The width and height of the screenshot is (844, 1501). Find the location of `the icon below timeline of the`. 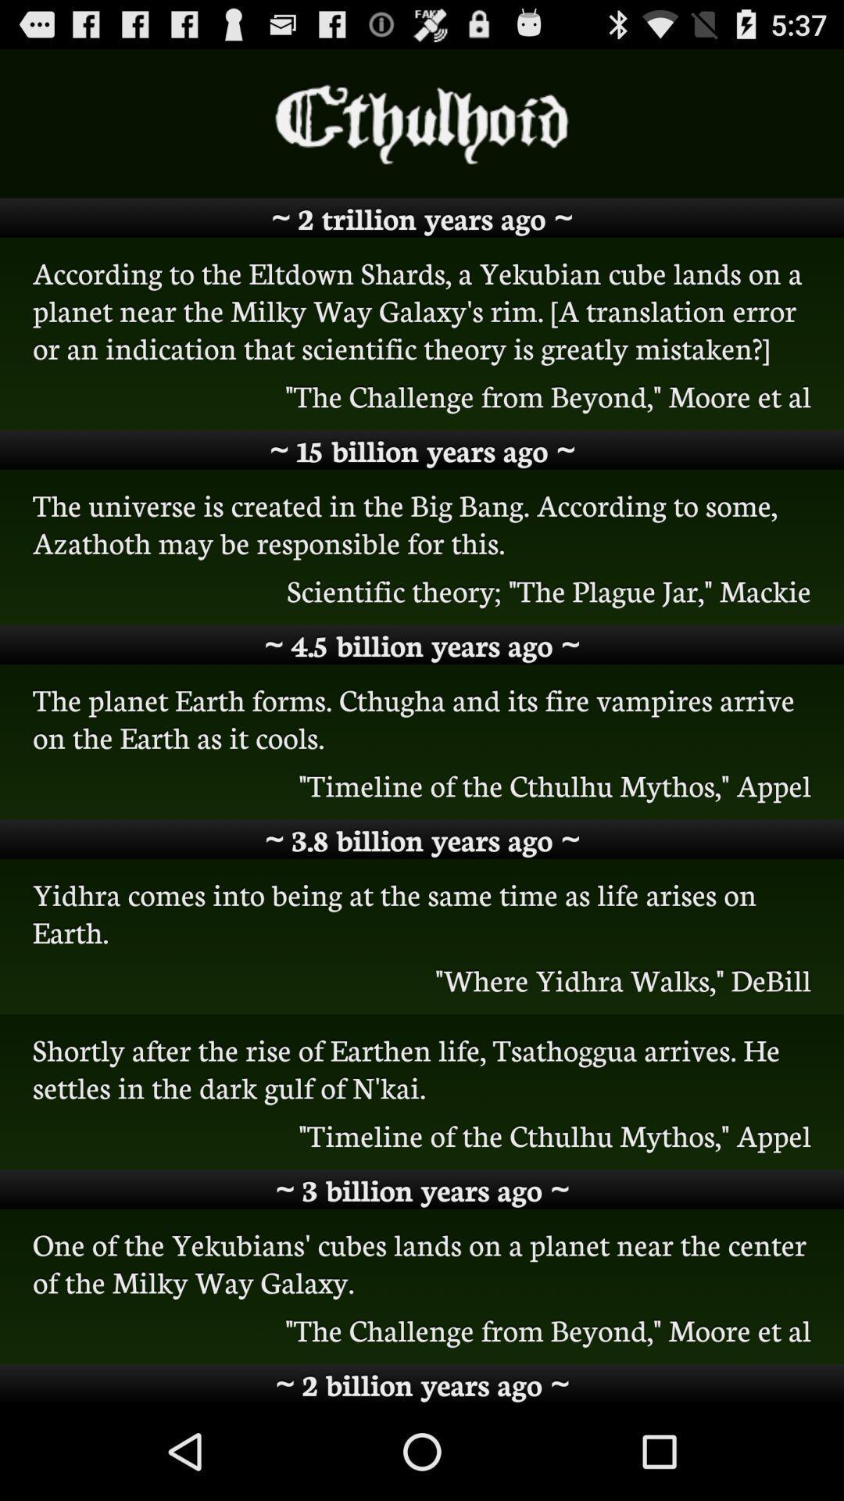

the icon below timeline of the is located at coordinates (422, 839).